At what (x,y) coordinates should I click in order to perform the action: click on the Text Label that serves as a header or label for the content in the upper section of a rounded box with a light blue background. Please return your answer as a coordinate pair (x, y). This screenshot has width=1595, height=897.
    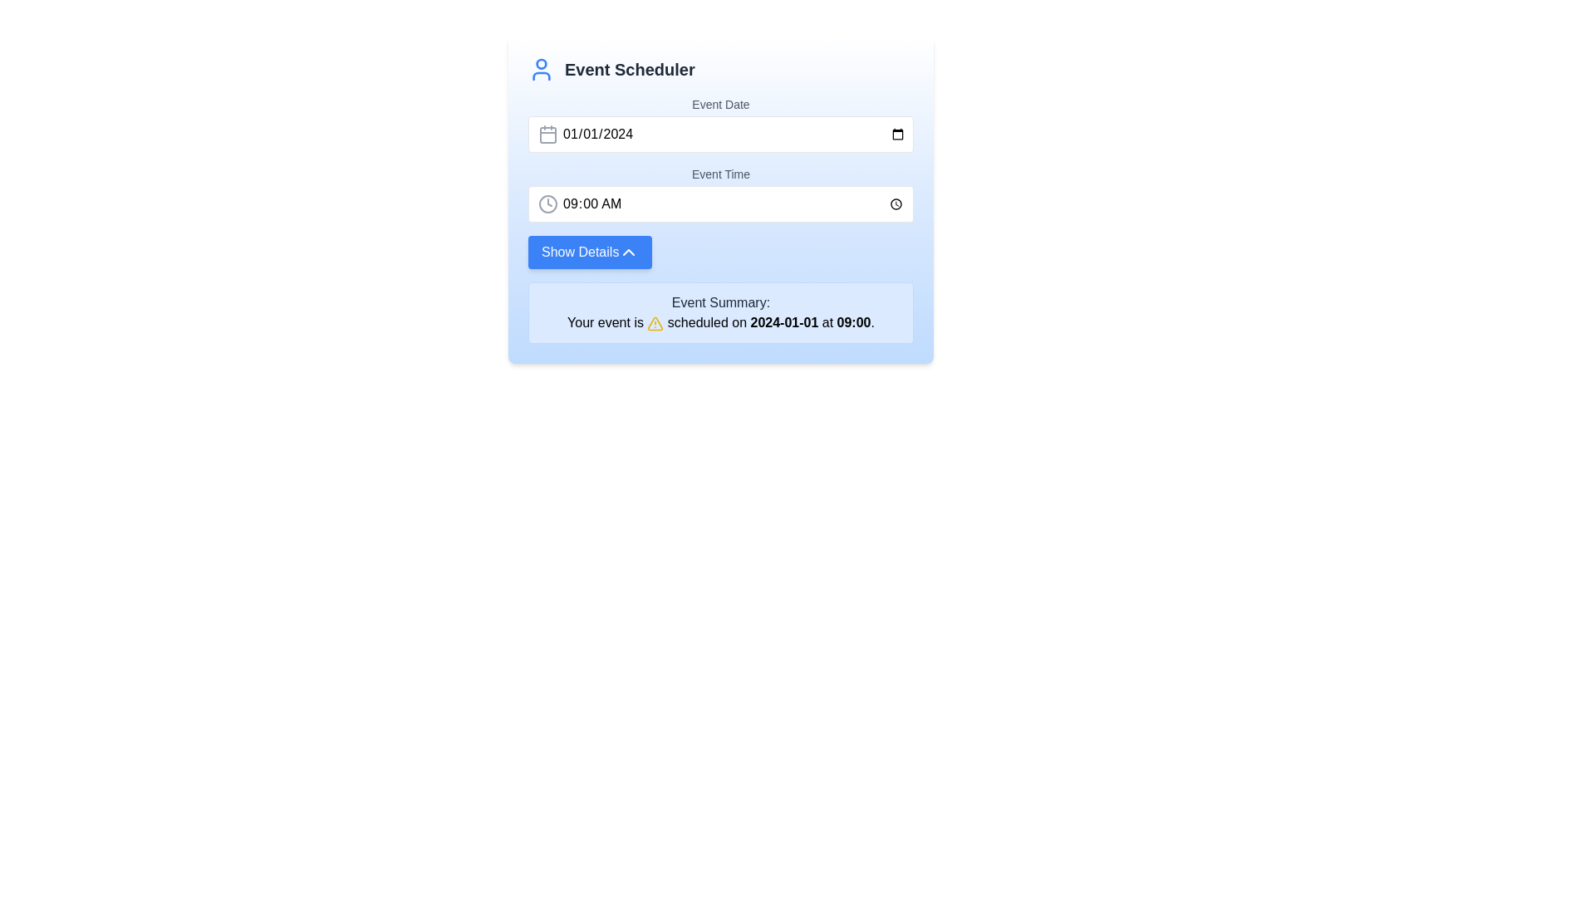
    Looking at the image, I should click on (721, 303).